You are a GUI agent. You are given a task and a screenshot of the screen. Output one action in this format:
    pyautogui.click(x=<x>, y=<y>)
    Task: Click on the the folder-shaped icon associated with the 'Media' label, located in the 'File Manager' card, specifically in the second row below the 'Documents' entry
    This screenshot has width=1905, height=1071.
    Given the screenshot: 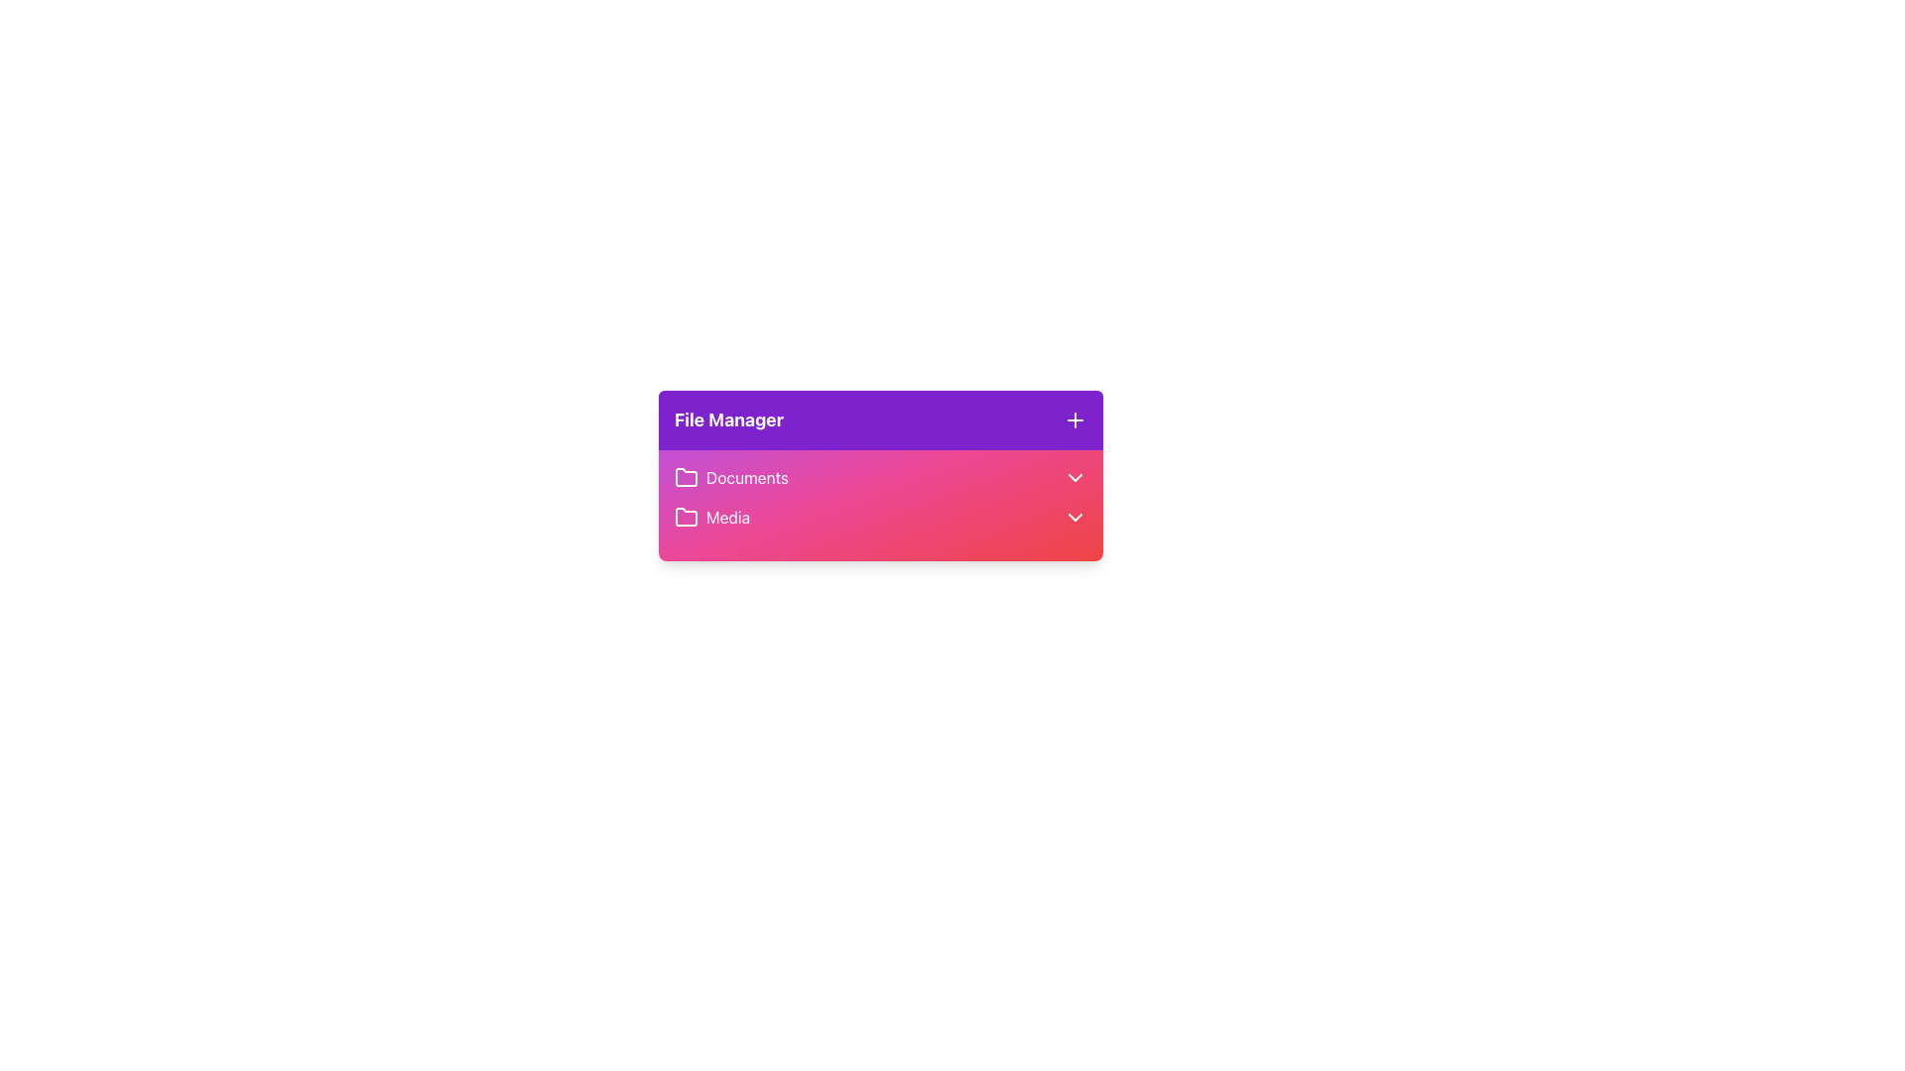 What is the action you would take?
    pyautogui.click(x=686, y=515)
    